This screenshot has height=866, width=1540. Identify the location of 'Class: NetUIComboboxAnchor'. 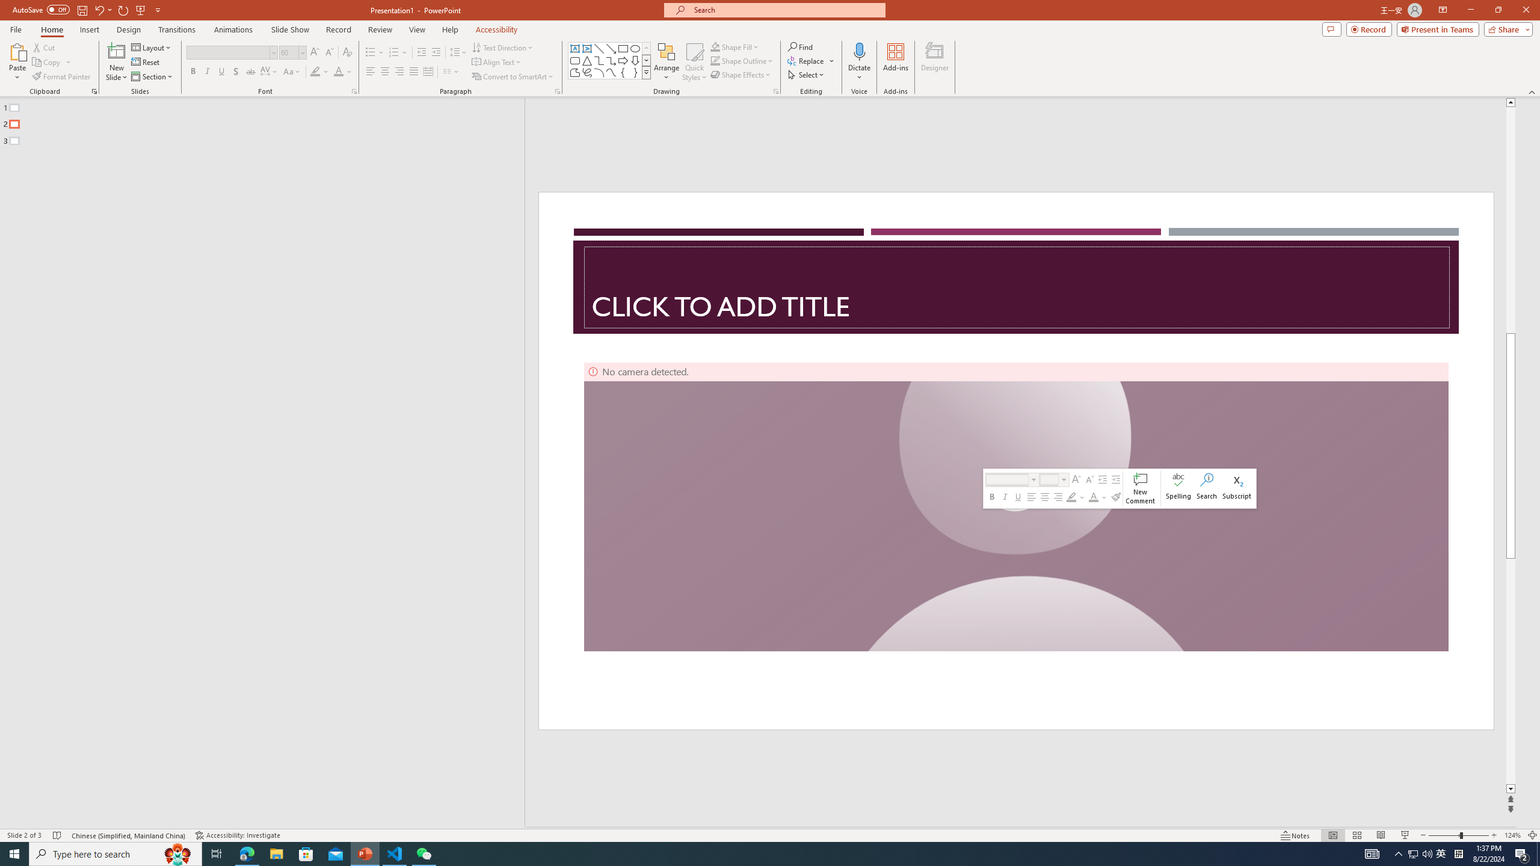
(1054, 479).